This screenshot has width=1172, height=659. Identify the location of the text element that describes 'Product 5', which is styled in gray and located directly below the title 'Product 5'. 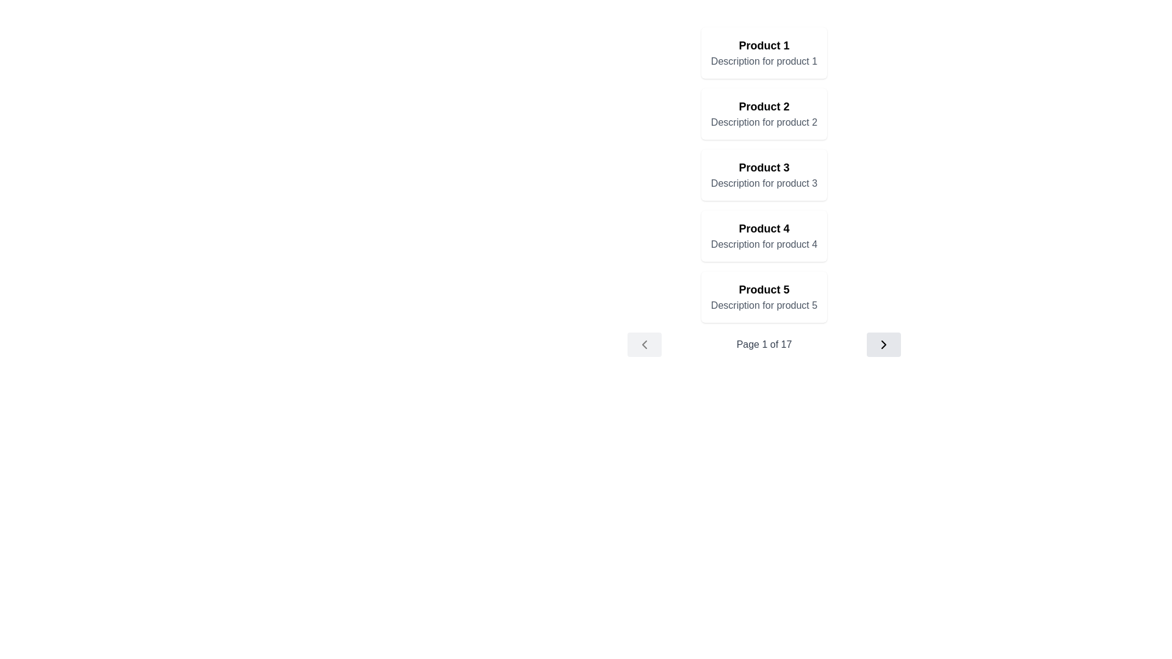
(764, 305).